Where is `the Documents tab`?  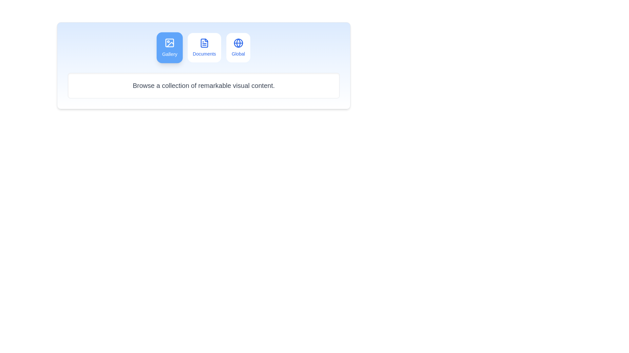
the Documents tab is located at coordinates (204, 47).